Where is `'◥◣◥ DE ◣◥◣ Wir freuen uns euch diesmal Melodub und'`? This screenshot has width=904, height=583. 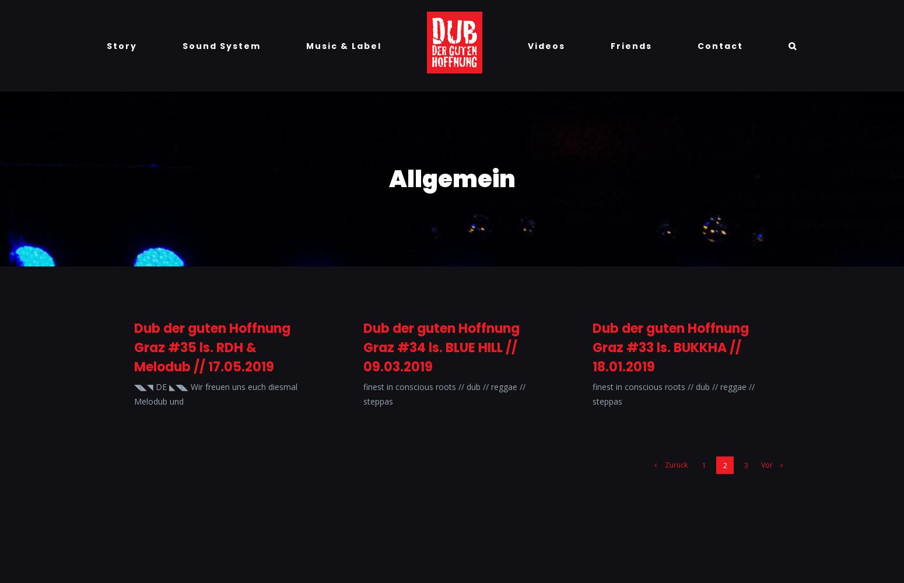 '◥◣◥ DE ◣◥◣ Wir freuen uns euch diesmal Melodub und' is located at coordinates (215, 394).